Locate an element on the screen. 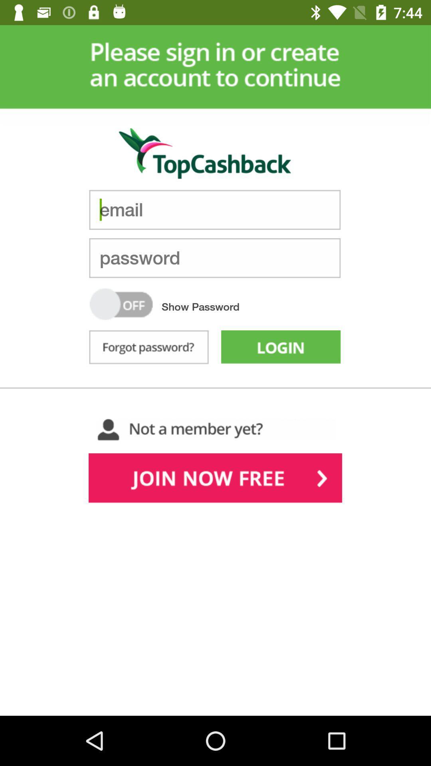 Image resolution: width=431 pixels, height=766 pixels. type in email address is located at coordinates (214, 210).